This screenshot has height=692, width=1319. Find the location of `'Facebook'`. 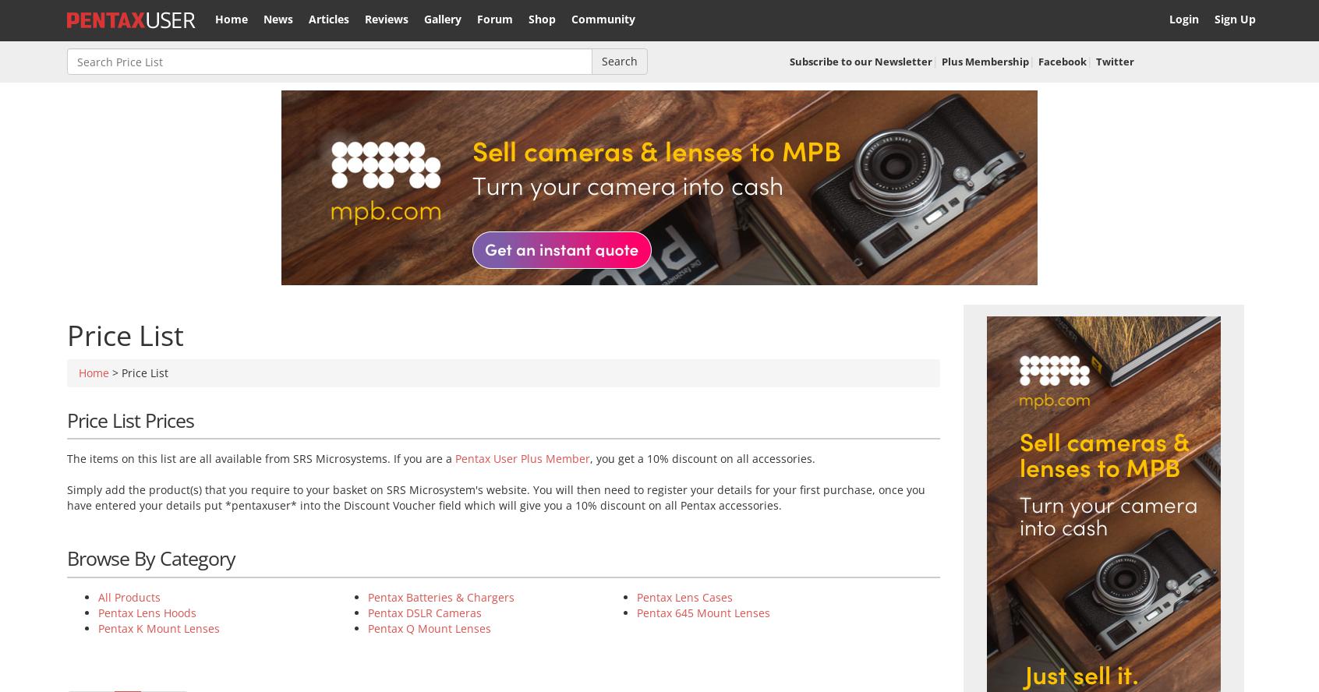

'Facebook' is located at coordinates (1062, 61).